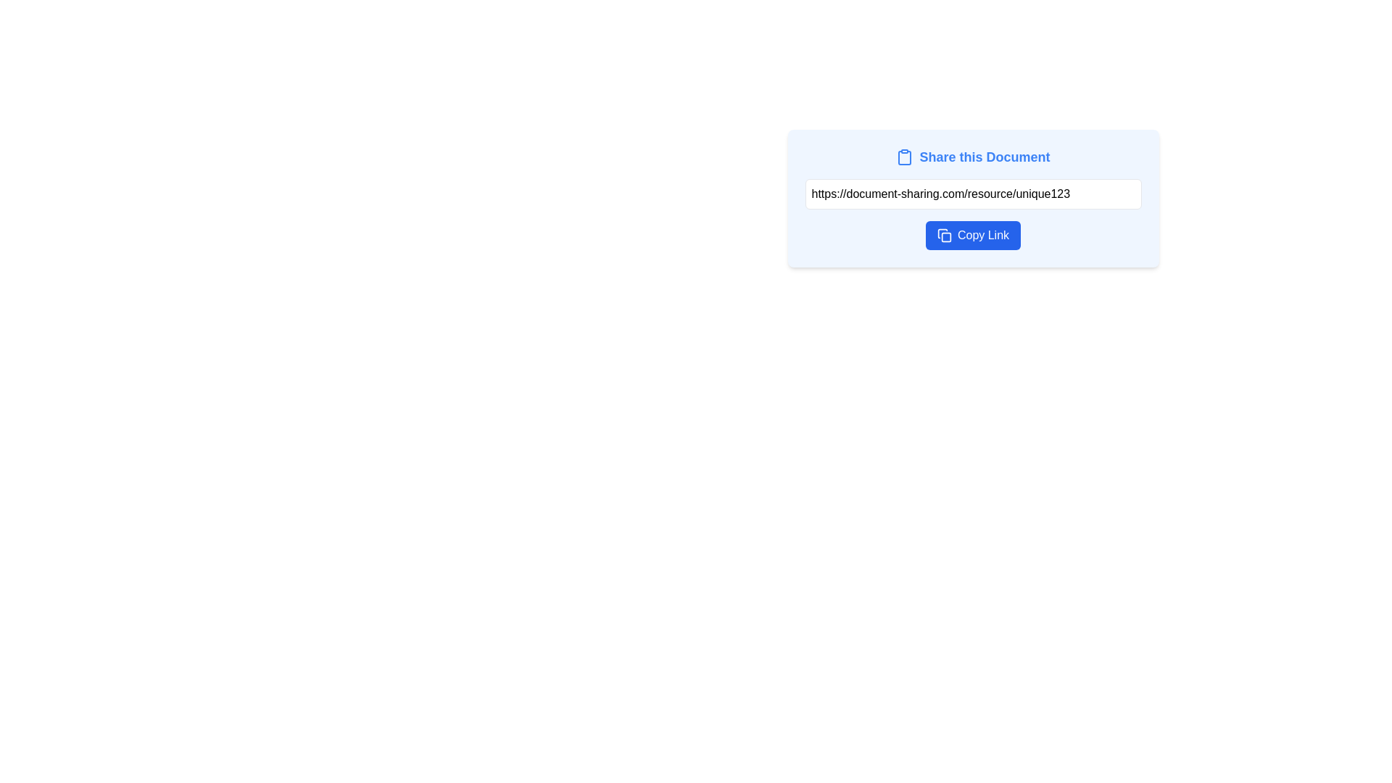 This screenshot has width=1392, height=783. What do you see at coordinates (973, 234) in the screenshot?
I see `the button located in the light blue sharing options box to copy the displayed URL to the clipboard` at bounding box center [973, 234].